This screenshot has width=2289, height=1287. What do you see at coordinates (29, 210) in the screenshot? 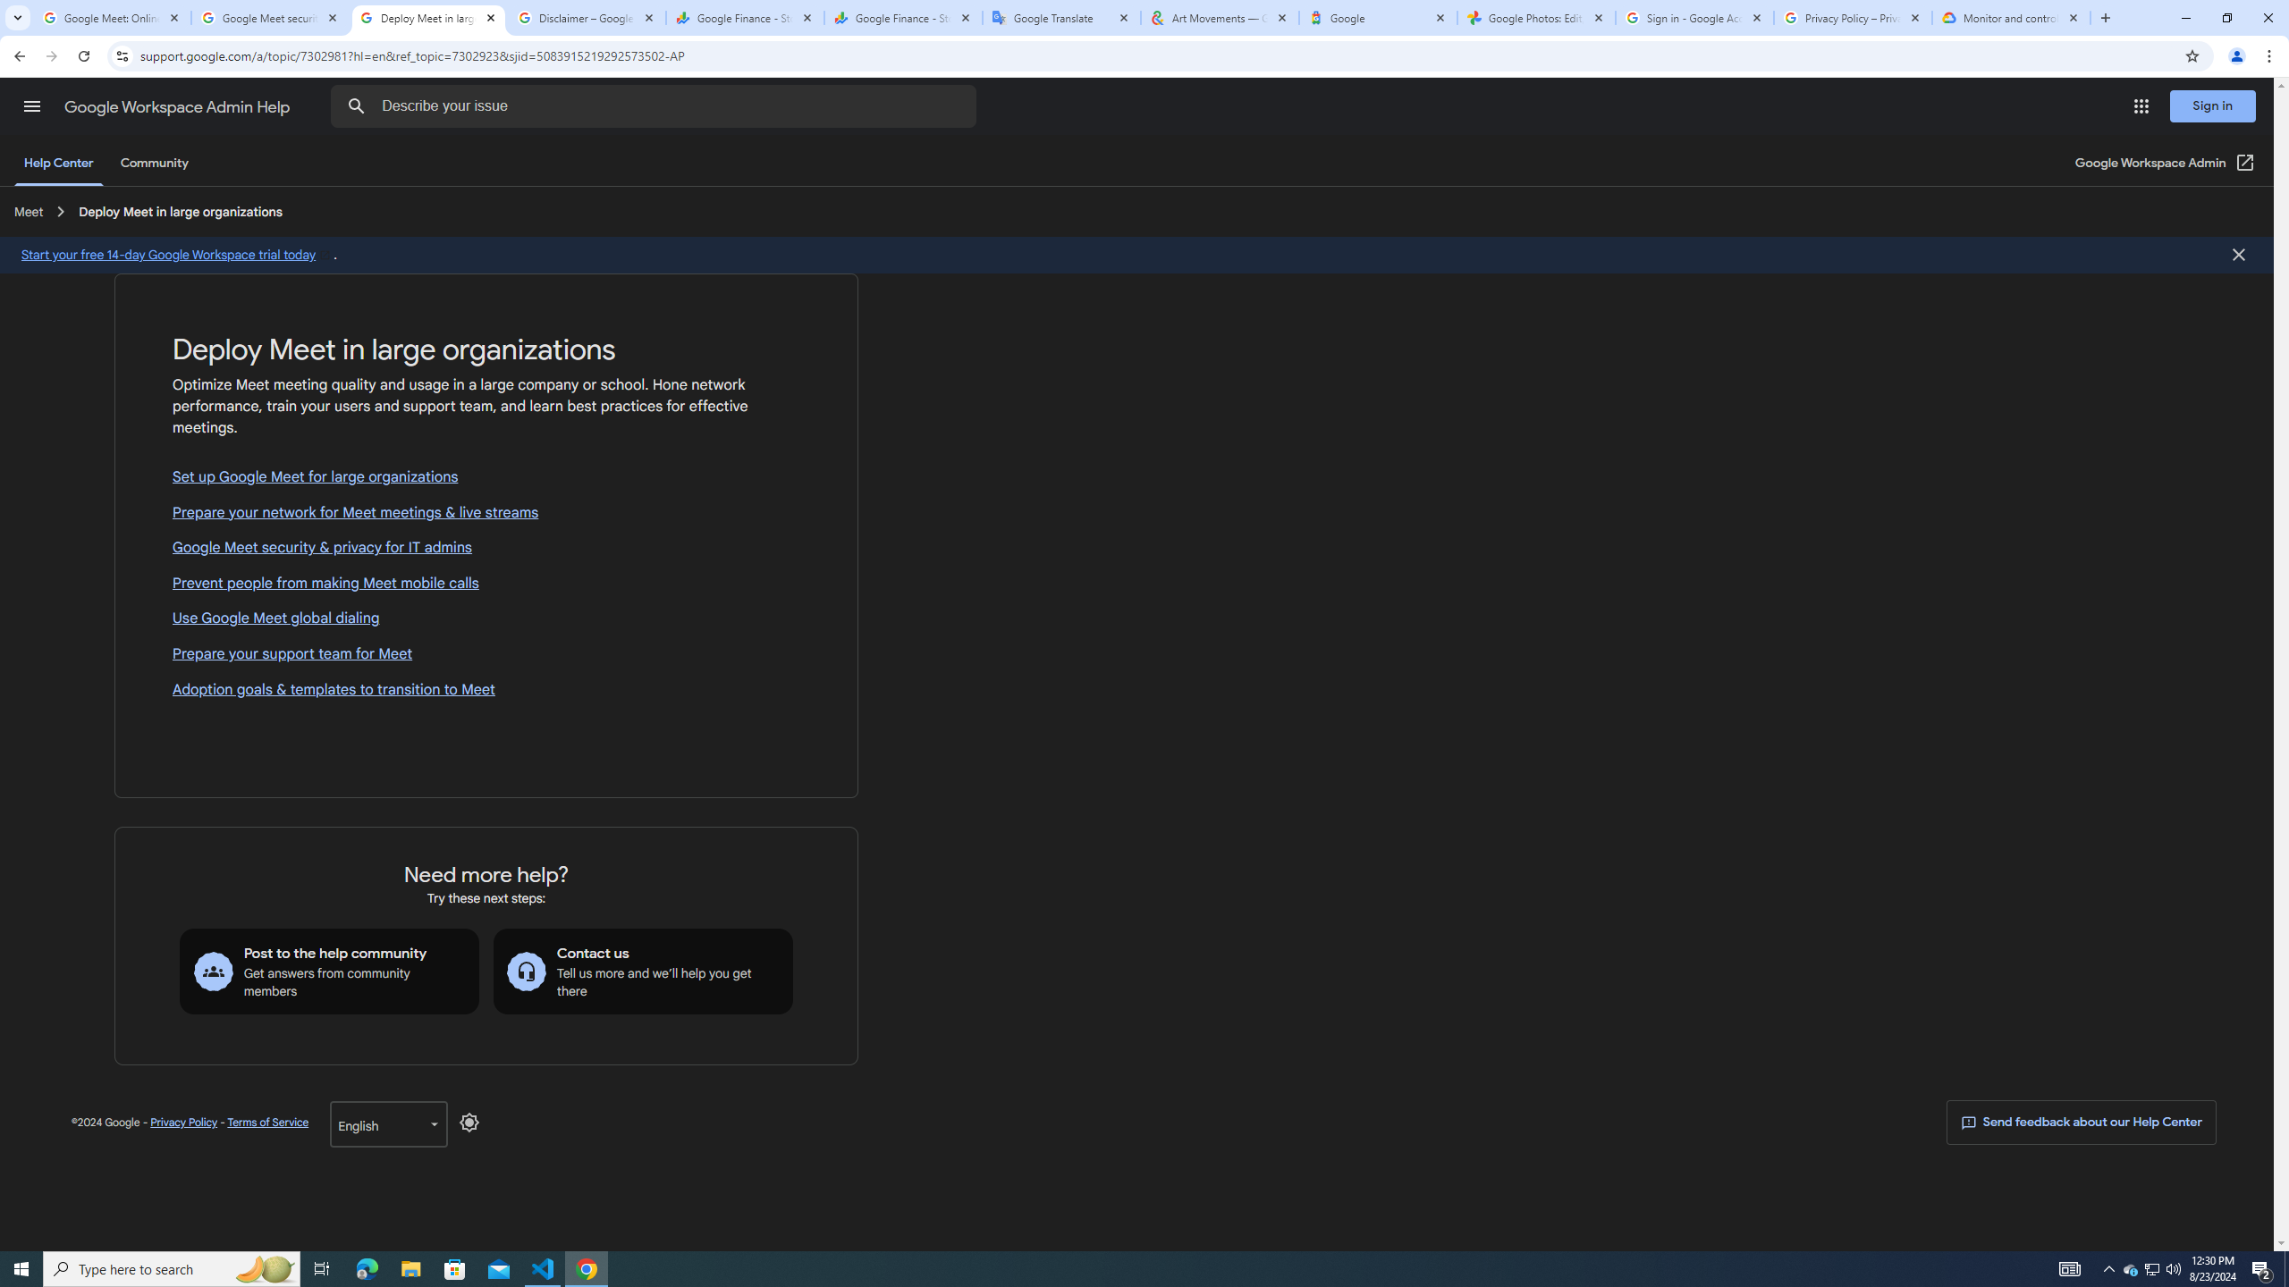
I see `'Meet '` at bounding box center [29, 210].